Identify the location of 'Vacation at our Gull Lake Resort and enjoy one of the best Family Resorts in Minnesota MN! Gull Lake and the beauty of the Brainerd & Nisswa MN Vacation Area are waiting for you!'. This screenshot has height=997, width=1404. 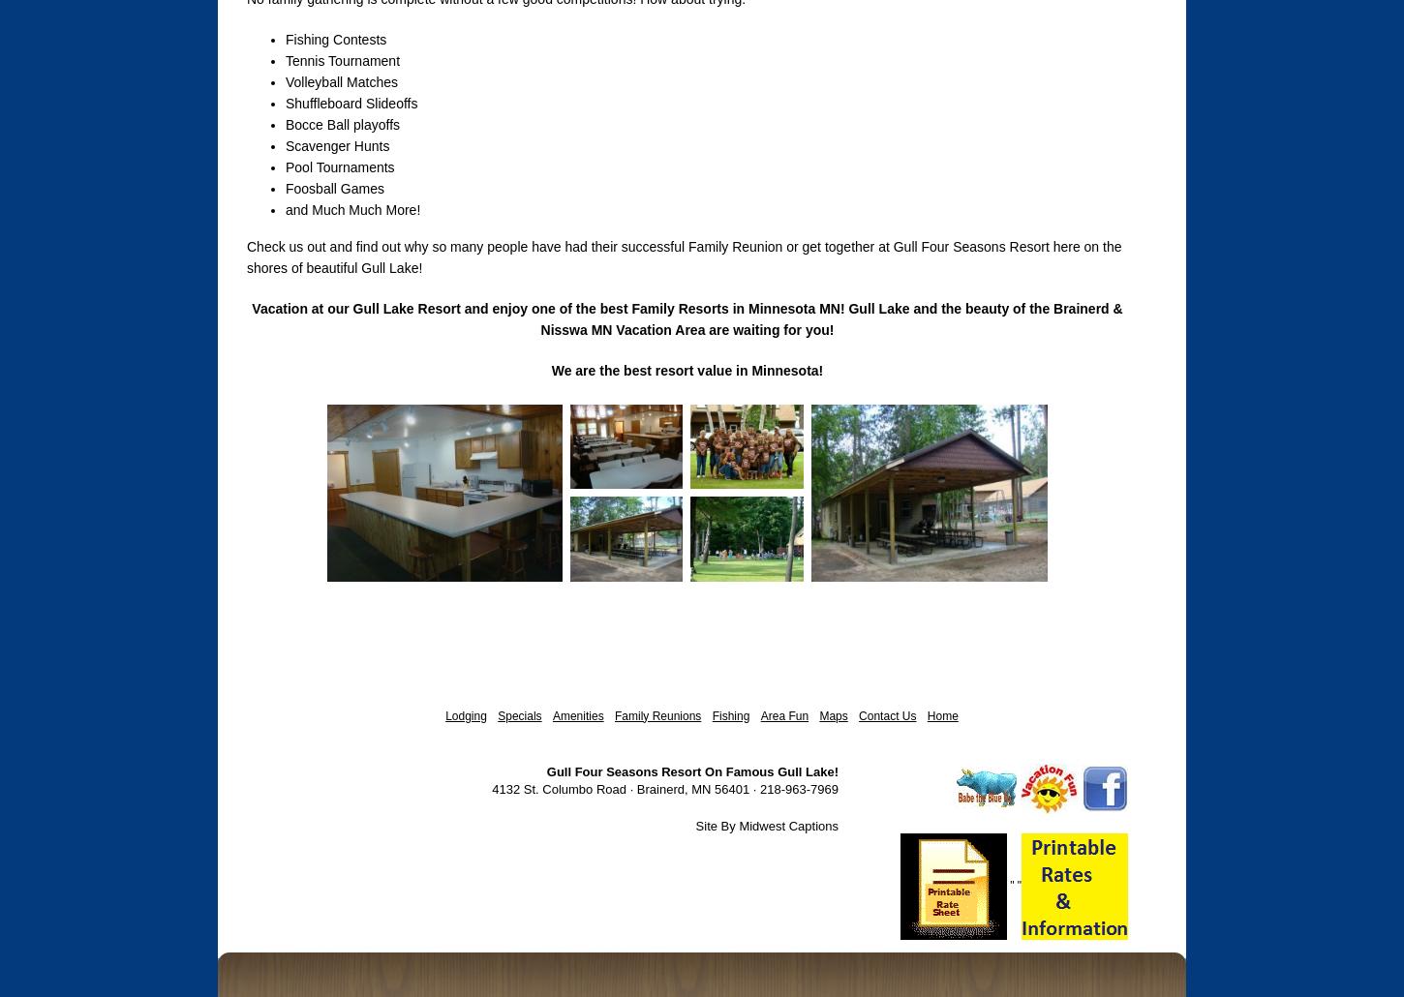
(686, 318).